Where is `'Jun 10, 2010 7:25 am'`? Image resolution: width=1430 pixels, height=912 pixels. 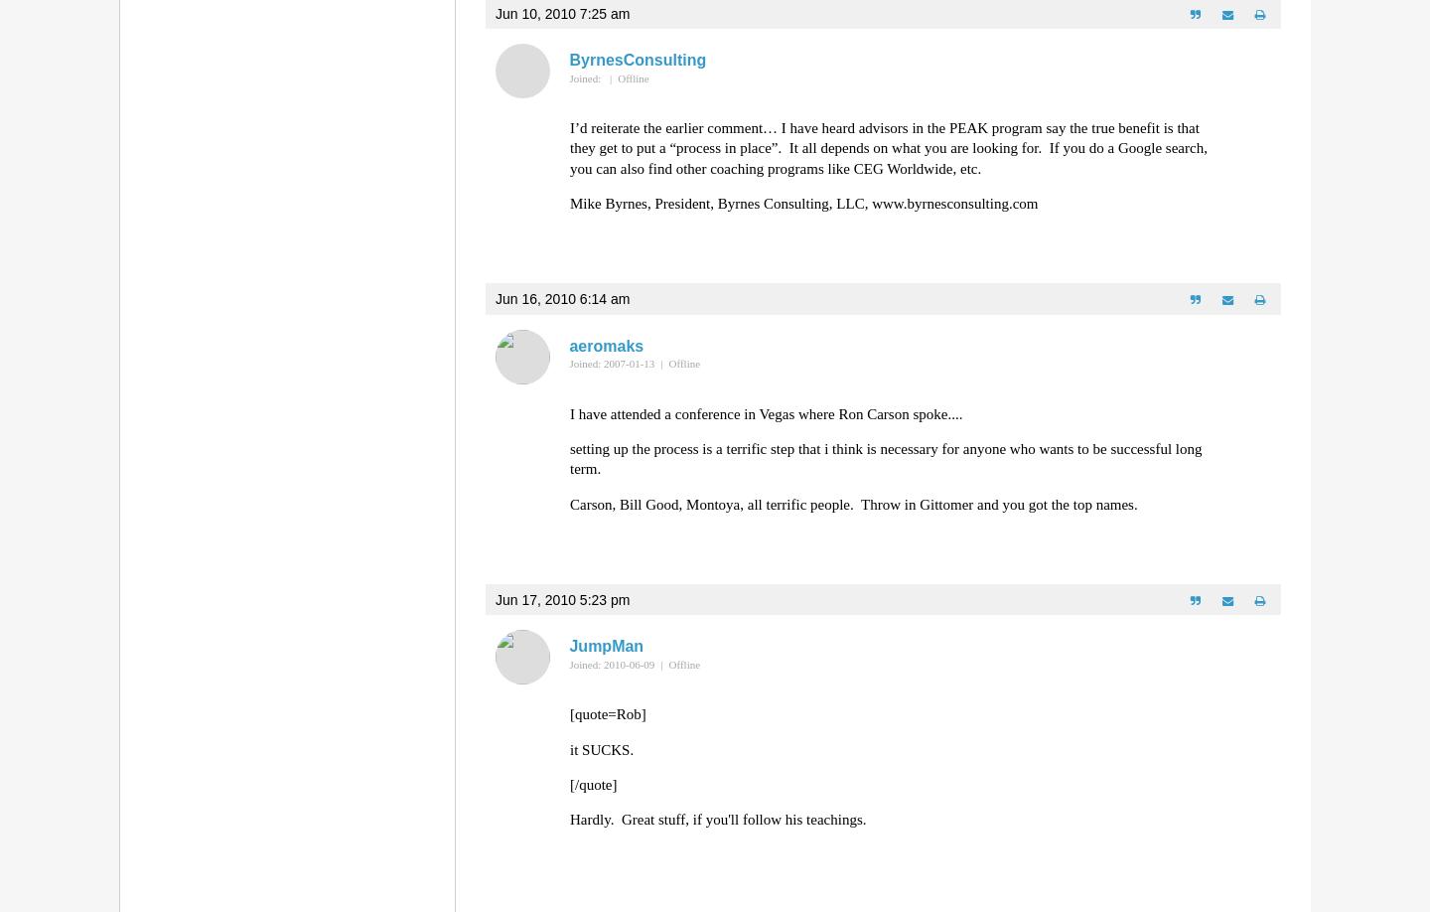 'Jun 10, 2010 7:25 am' is located at coordinates (562, 13).